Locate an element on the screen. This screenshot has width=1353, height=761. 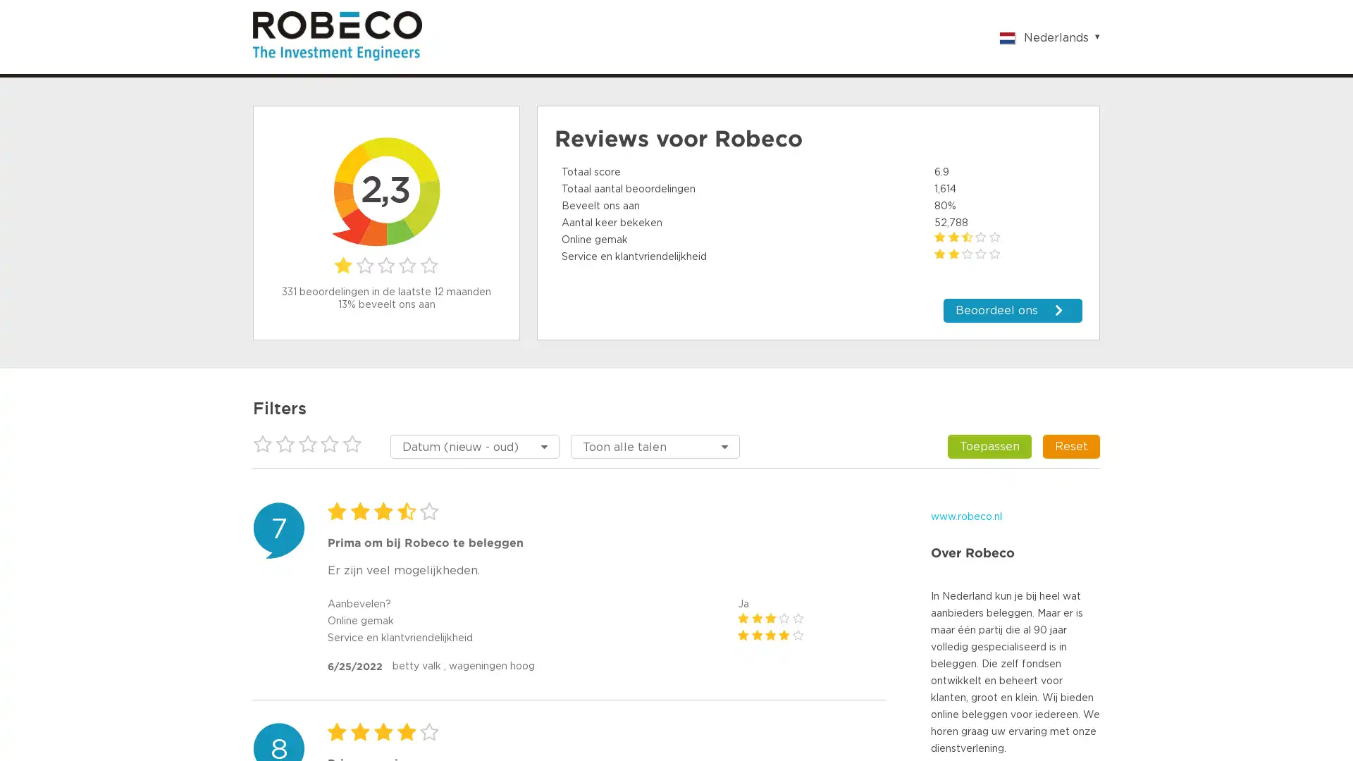
Toepassen is located at coordinates (989, 446).